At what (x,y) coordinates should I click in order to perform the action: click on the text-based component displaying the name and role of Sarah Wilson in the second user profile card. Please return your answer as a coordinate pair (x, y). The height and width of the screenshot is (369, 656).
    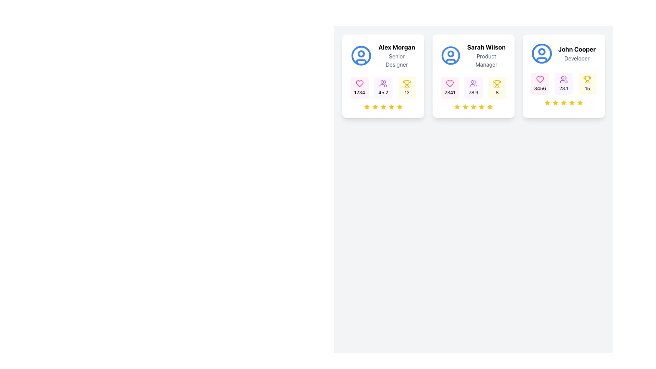
    Looking at the image, I should click on (473, 55).